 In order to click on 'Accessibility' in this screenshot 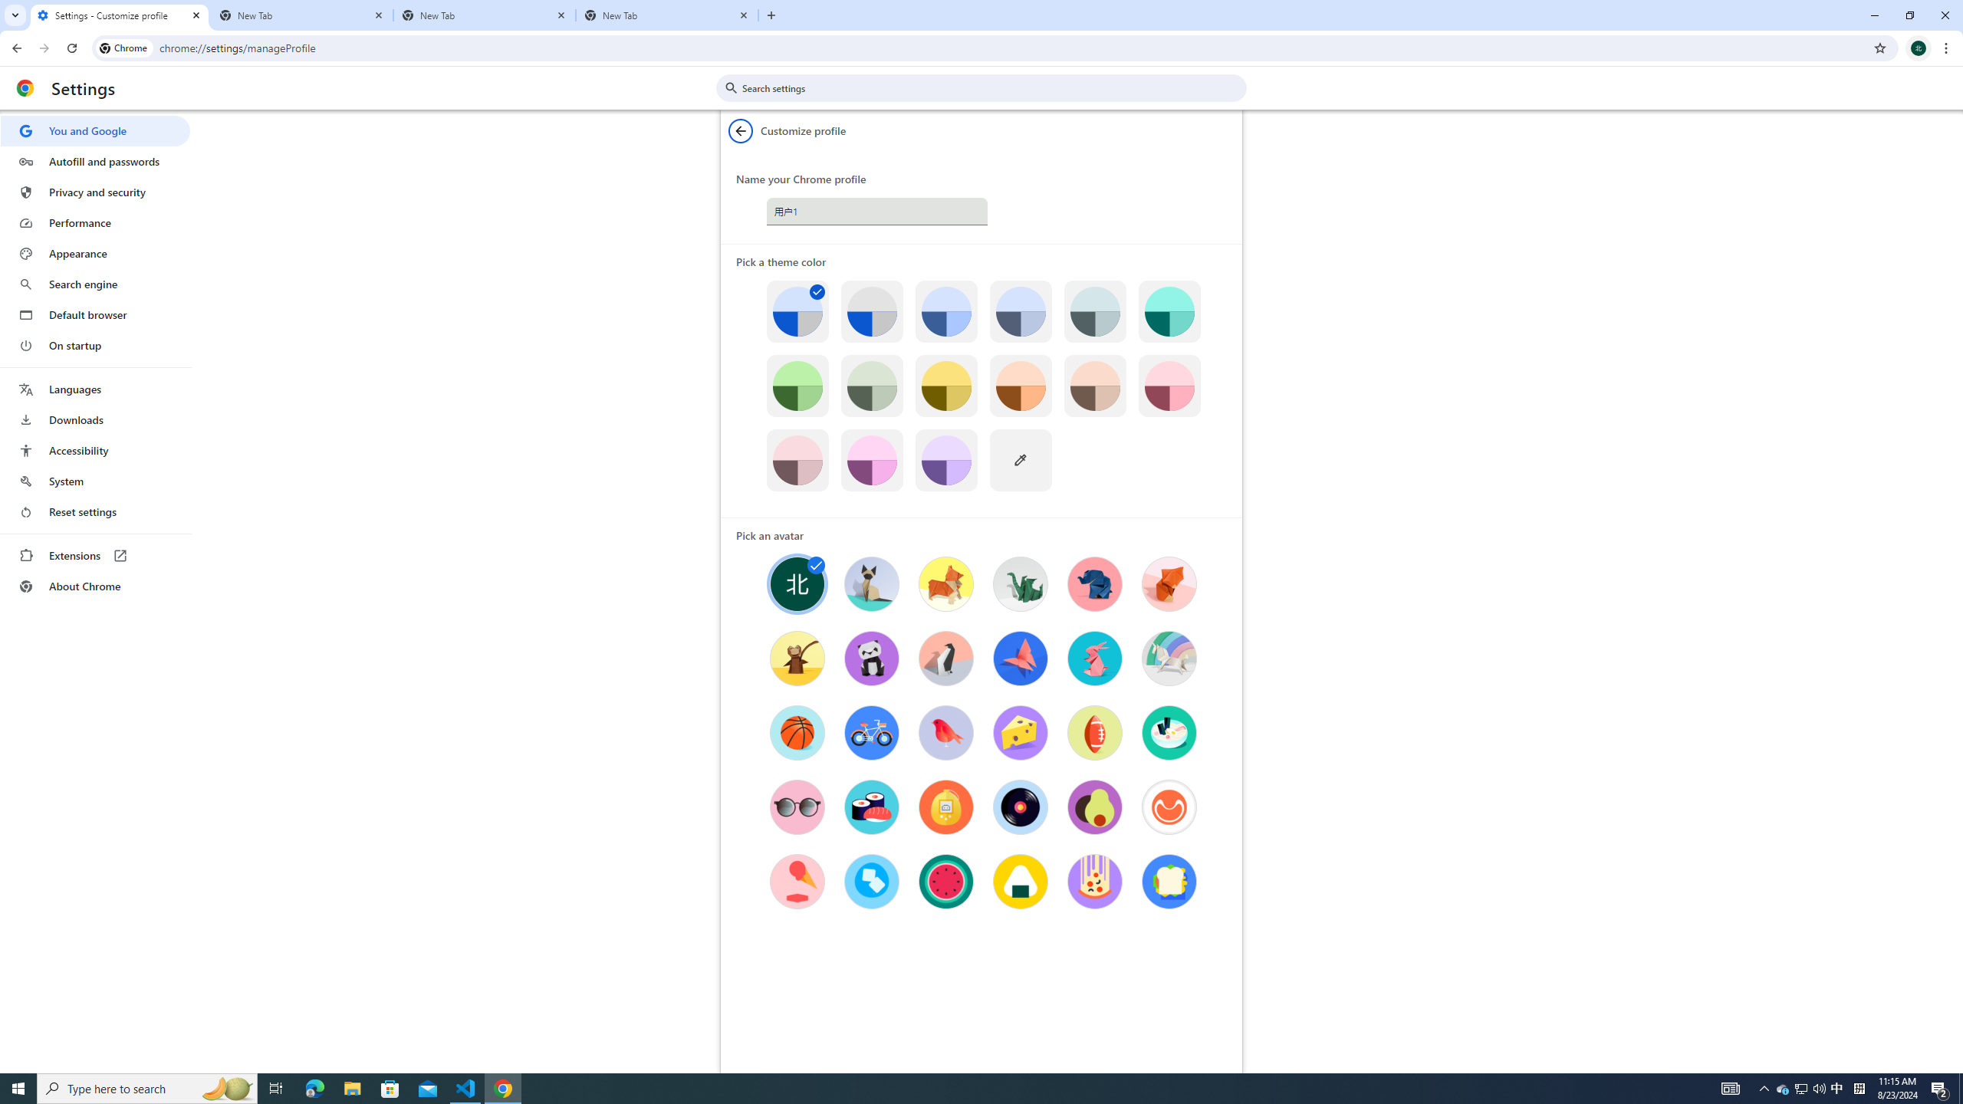, I will do `click(94, 449)`.